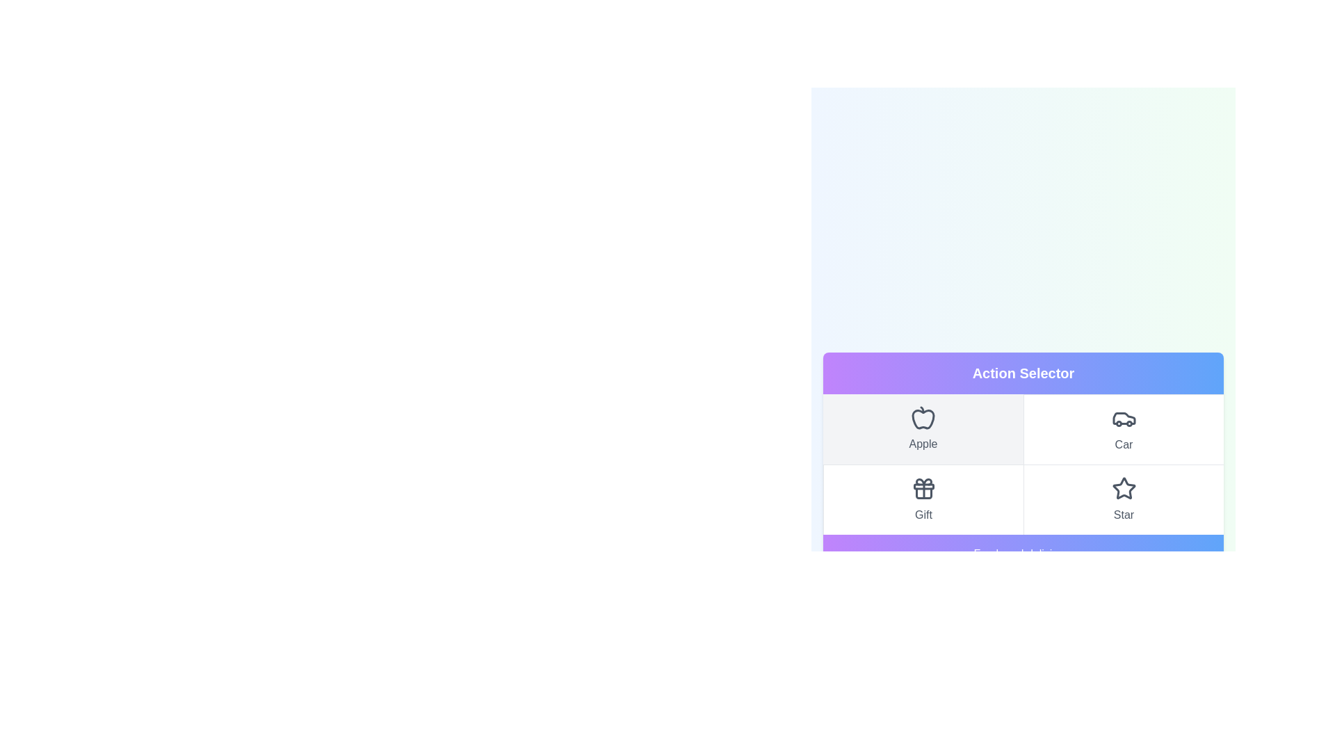  What do you see at coordinates (923, 481) in the screenshot?
I see `the center of the decorative gift box icon located in the bottom-left of the grid layout, beneath the 'Apple' icon and to the left of the 'Star' icon` at bounding box center [923, 481].